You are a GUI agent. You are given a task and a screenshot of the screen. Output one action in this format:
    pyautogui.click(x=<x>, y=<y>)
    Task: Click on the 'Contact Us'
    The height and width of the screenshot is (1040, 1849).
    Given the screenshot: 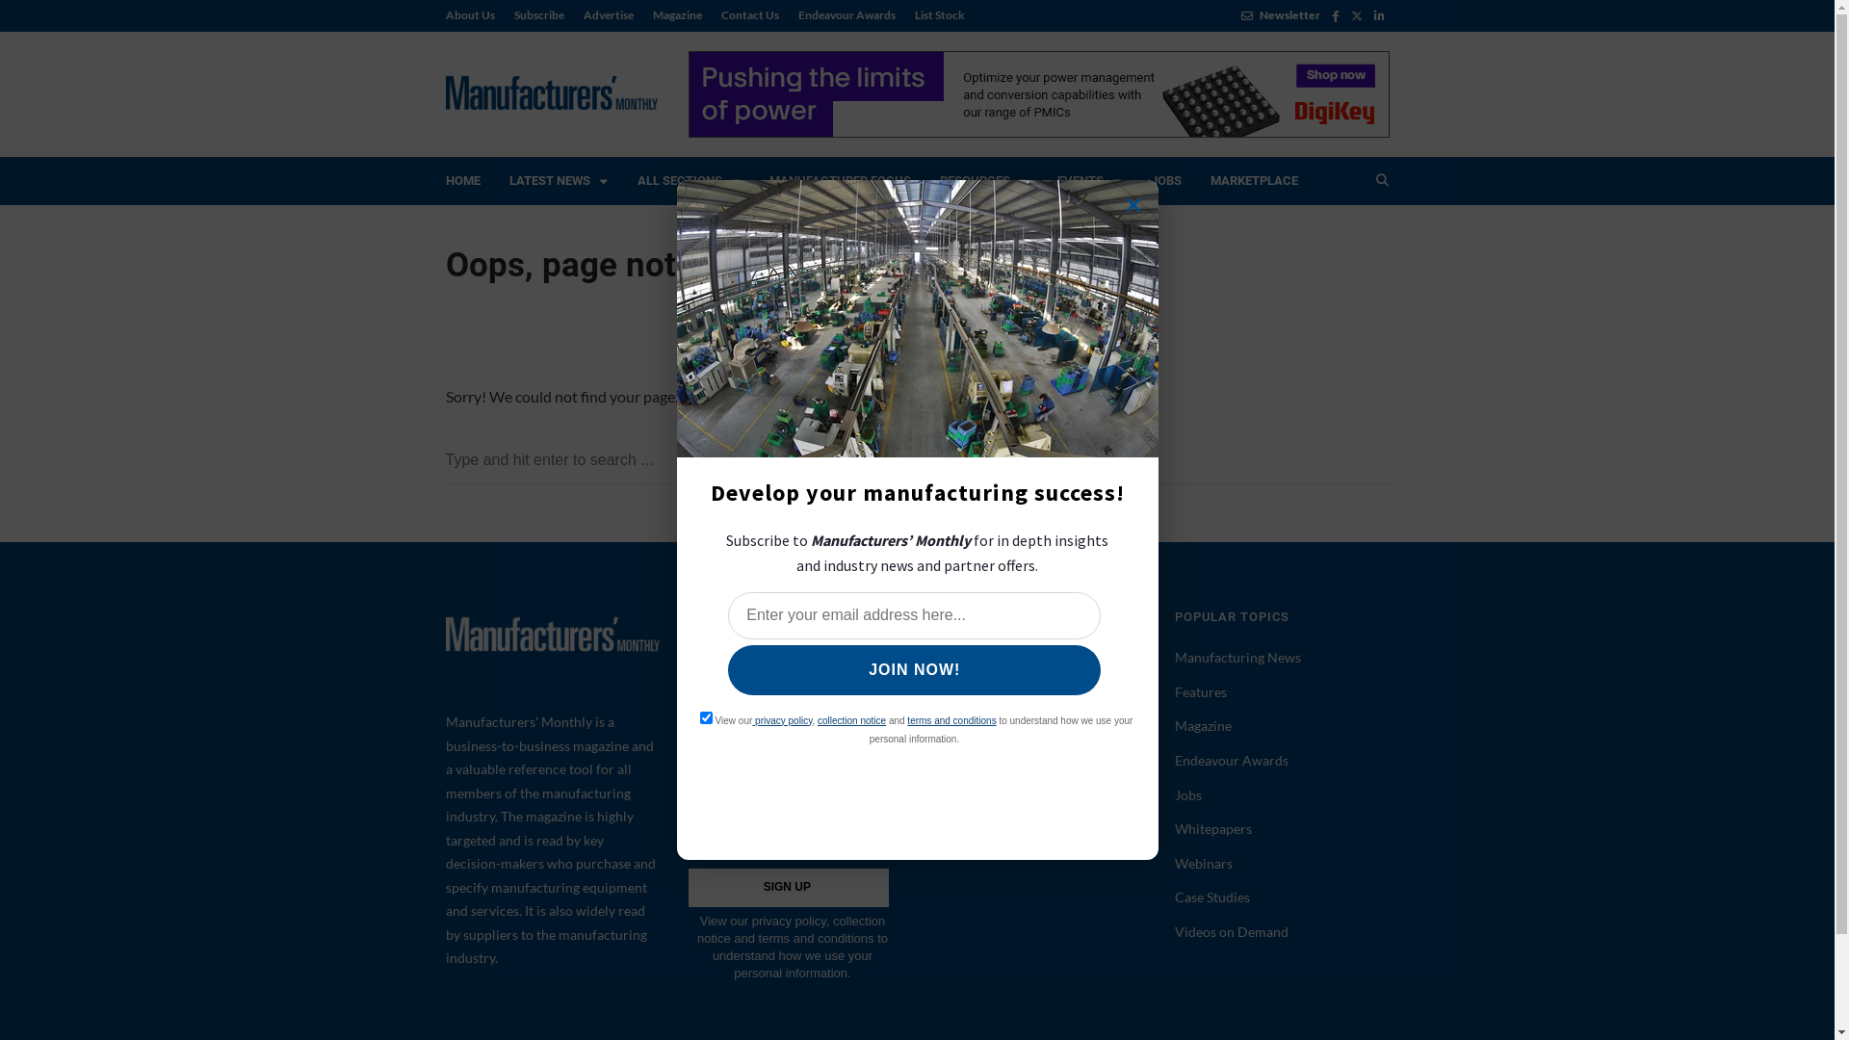 What is the action you would take?
    pyautogui.click(x=747, y=14)
    